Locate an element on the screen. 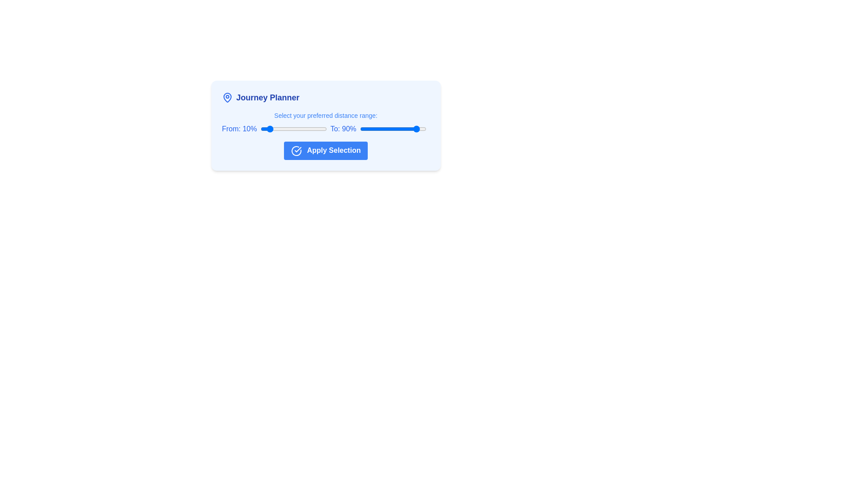 This screenshot has height=484, width=860. the slider value is located at coordinates (384, 129).